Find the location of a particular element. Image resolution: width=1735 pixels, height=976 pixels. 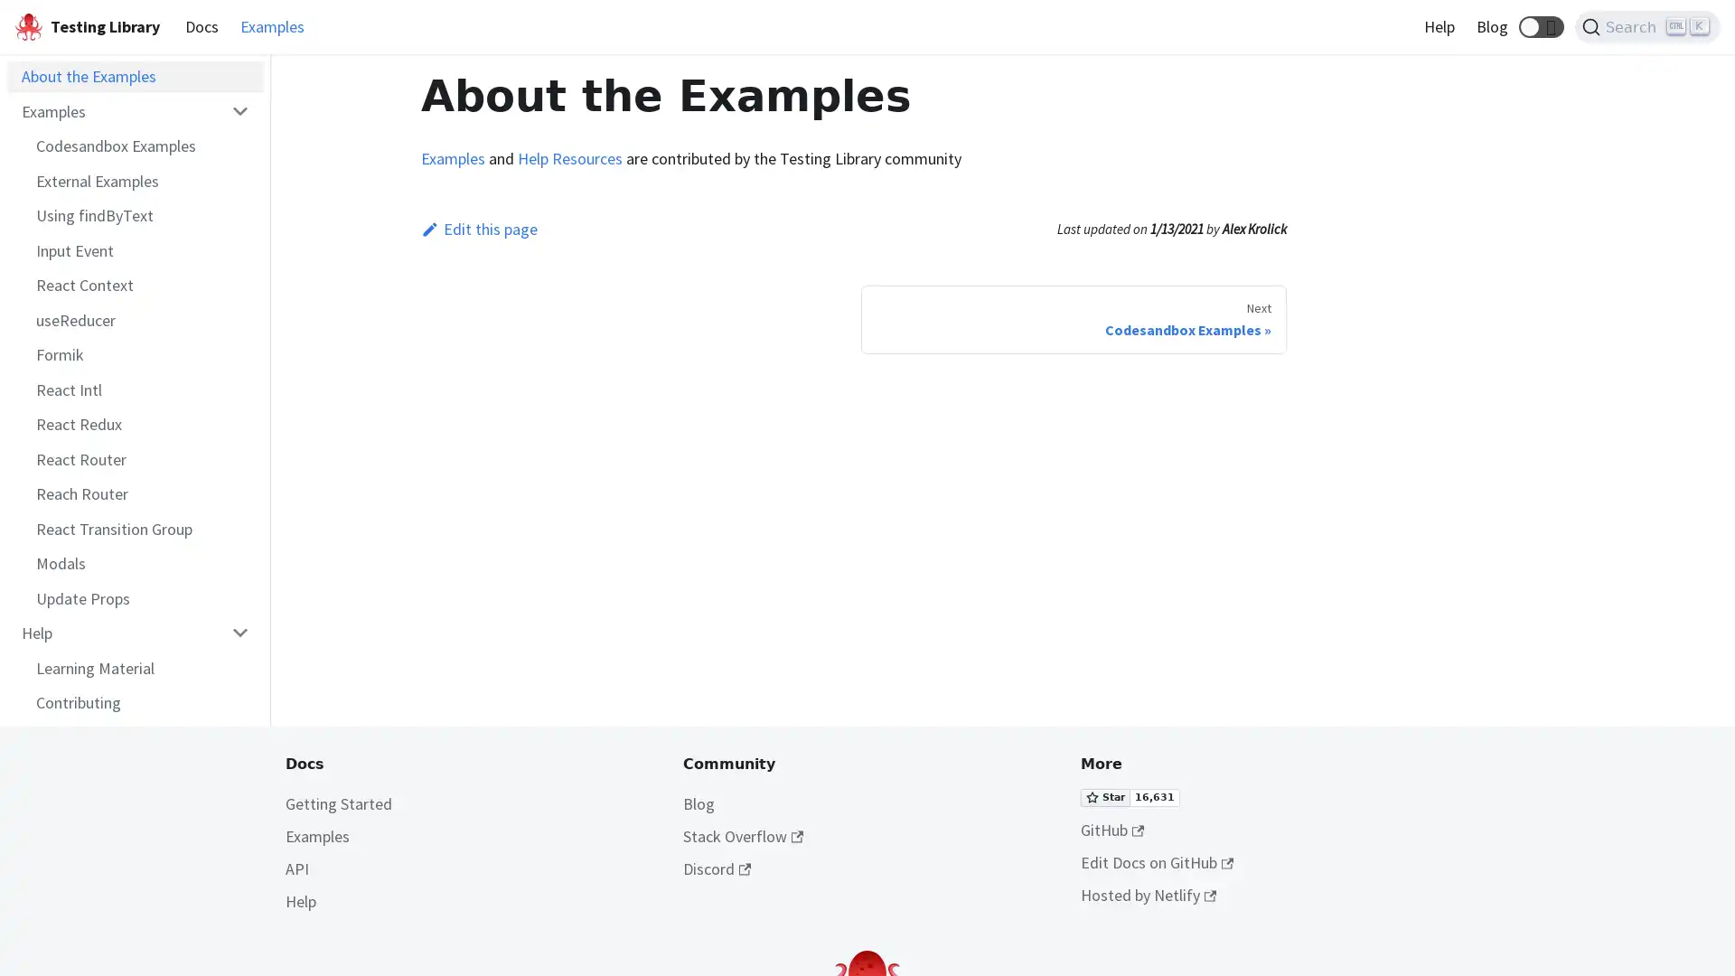

Search is located at coordinates (1647, 27).